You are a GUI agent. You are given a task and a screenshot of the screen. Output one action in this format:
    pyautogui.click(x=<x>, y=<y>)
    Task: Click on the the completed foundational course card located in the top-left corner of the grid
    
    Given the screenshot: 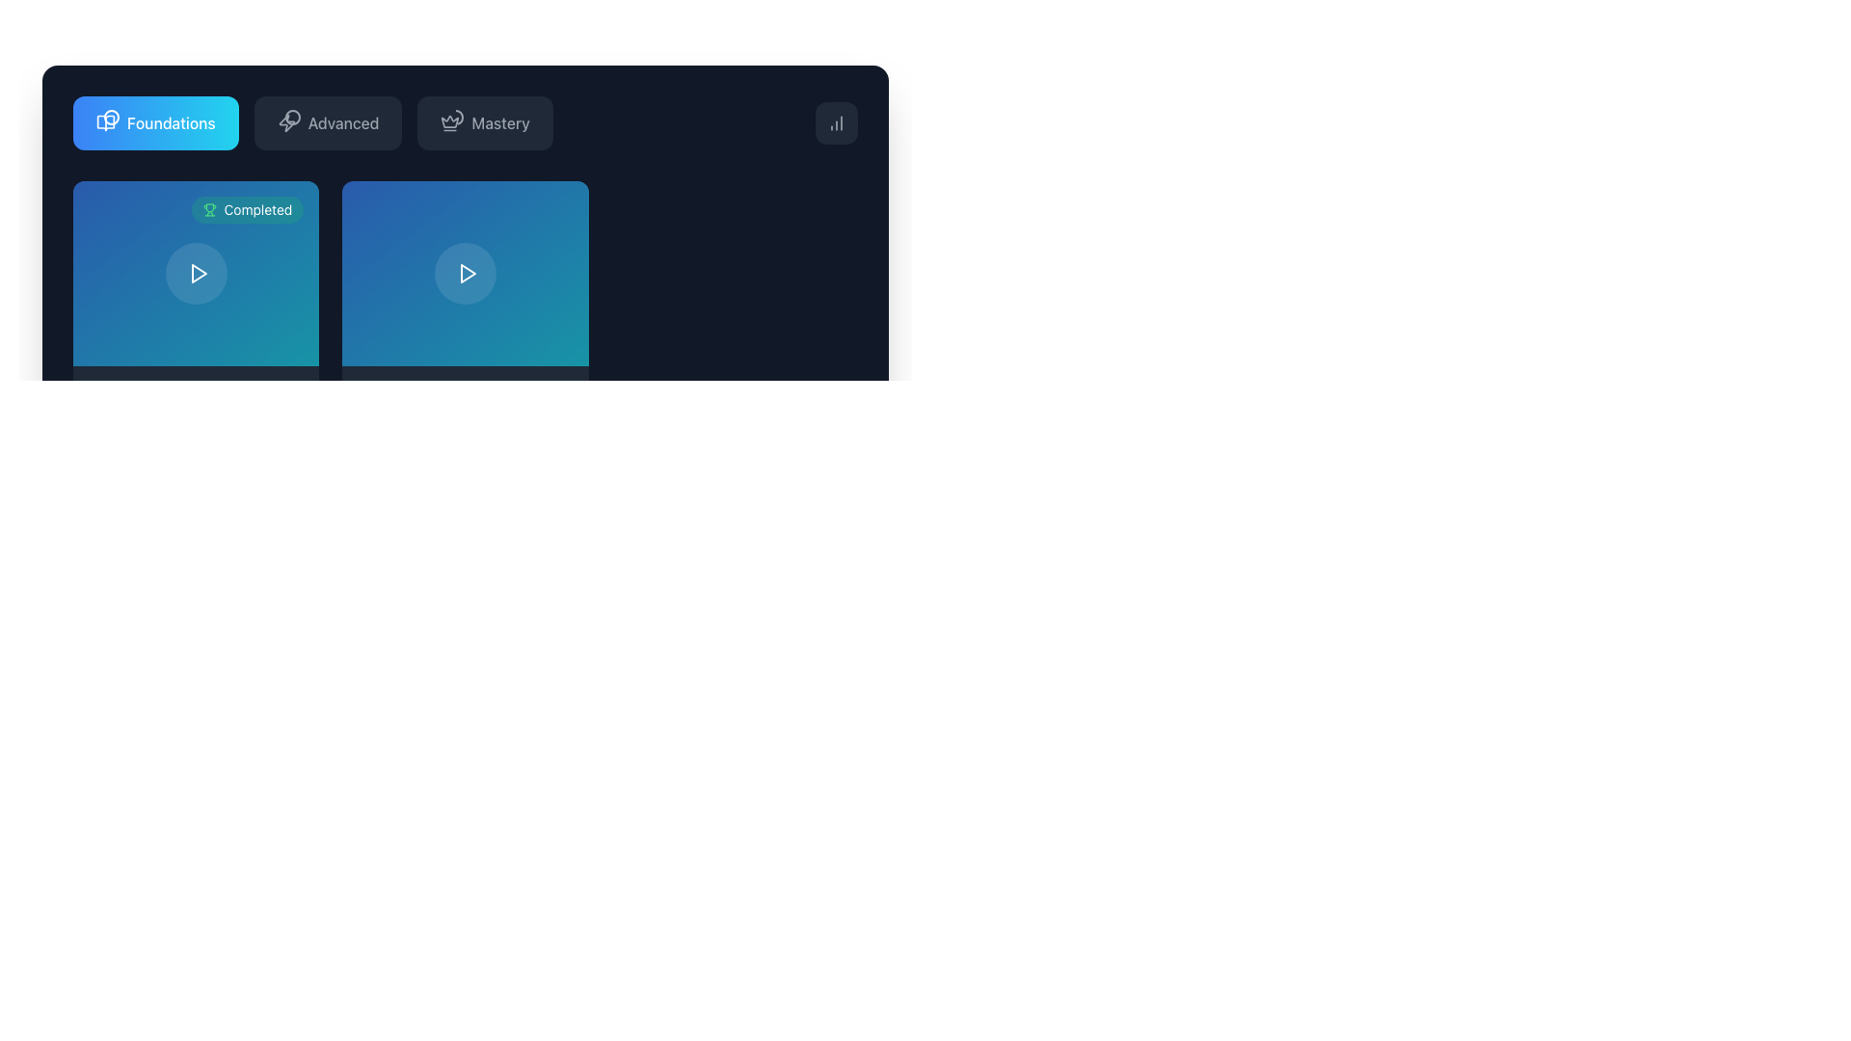 What is the action you would take?
    pyautogui.click(x=196, y=354)
    